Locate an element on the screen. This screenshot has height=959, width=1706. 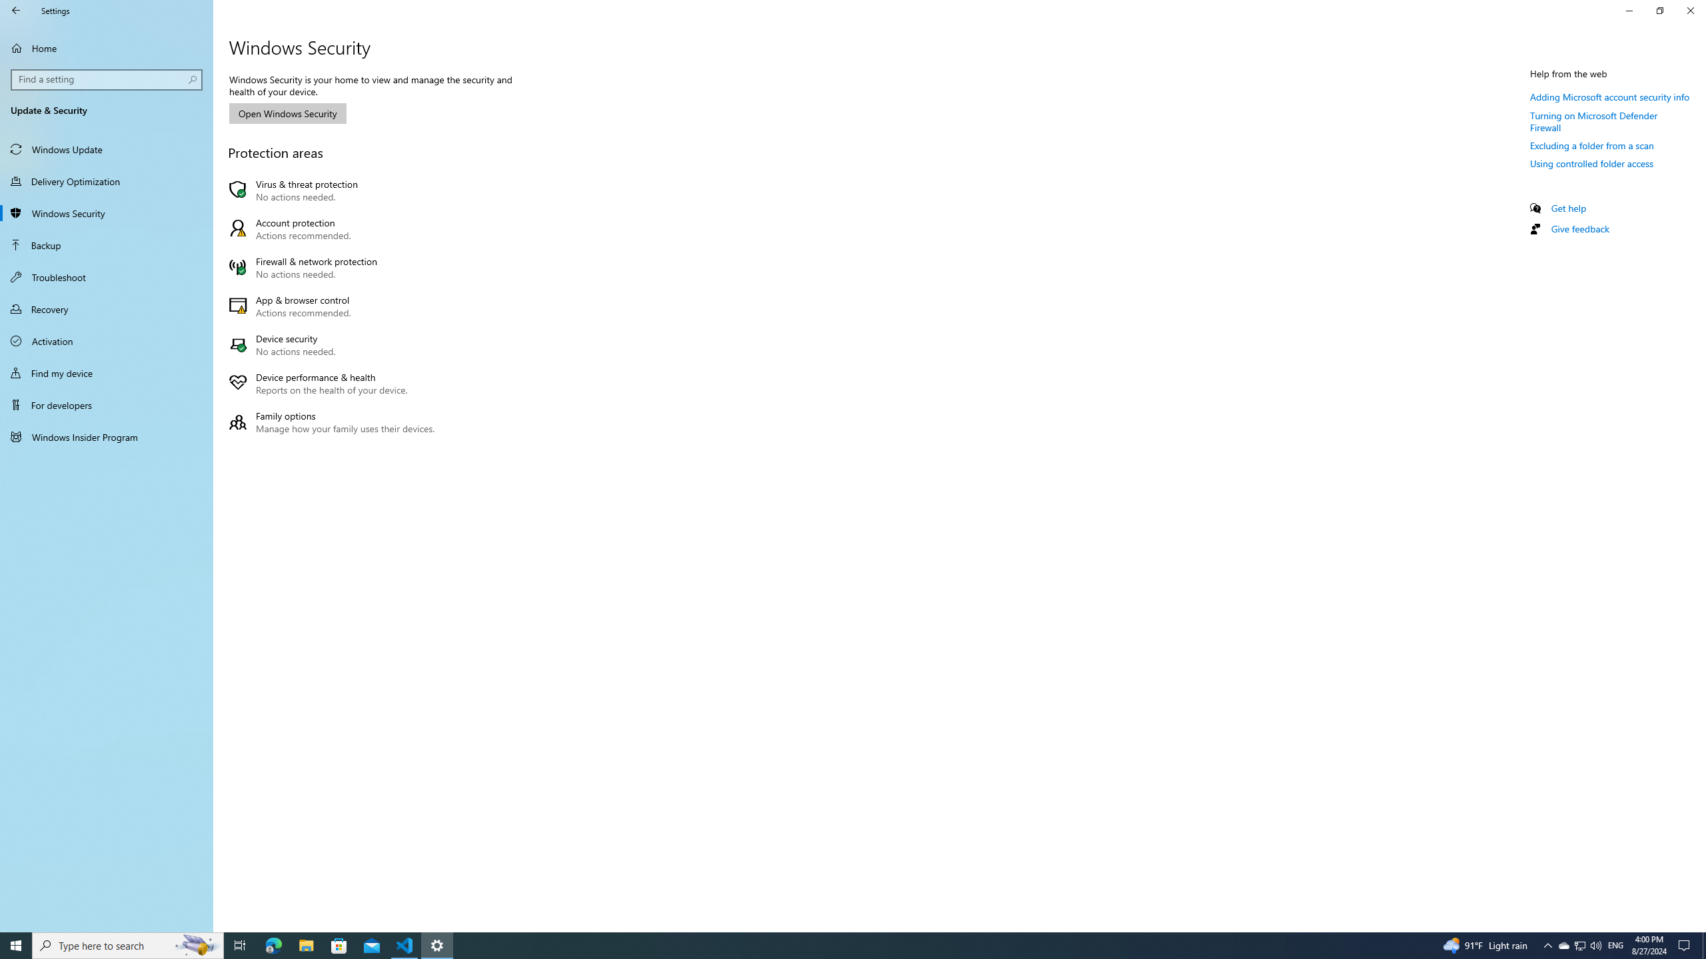
'Windows Update' is located at coordinates (106, 148).